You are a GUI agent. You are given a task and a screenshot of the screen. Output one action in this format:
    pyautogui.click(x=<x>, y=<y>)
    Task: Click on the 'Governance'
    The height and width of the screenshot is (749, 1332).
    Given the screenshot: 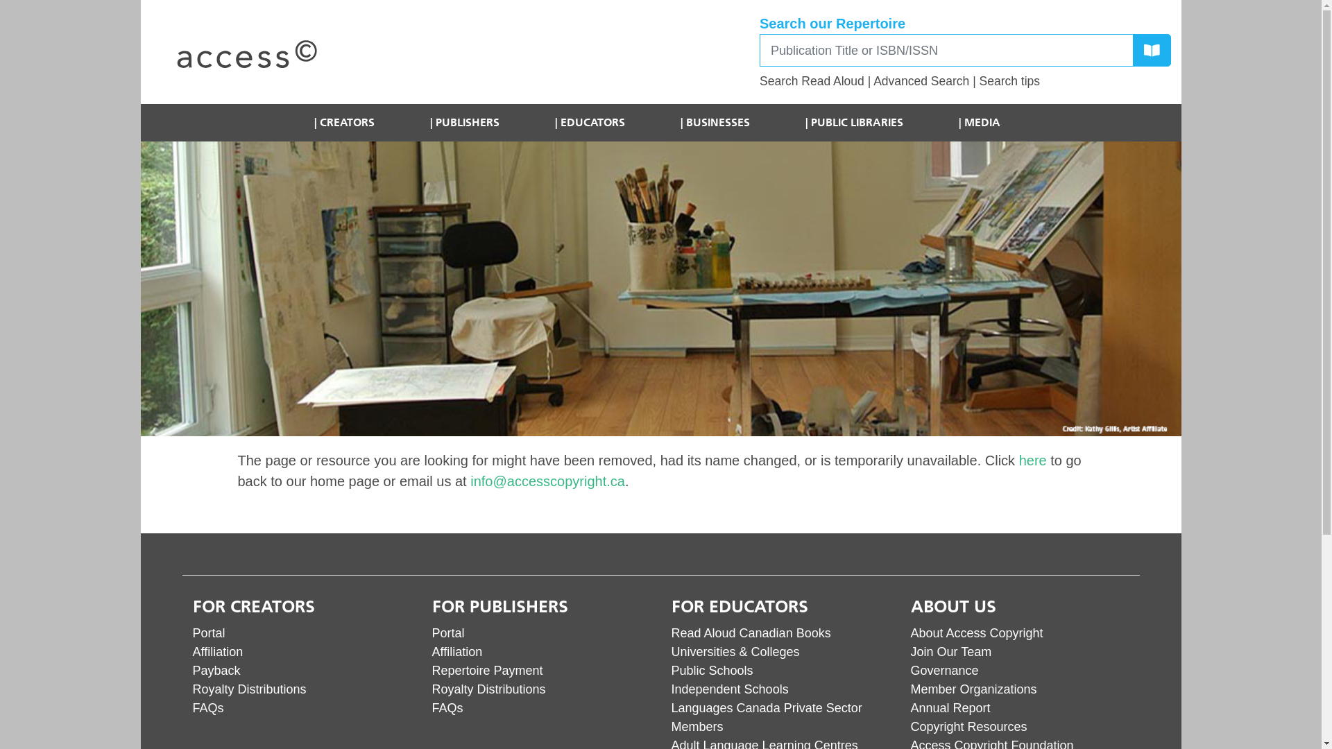 What is the action you would take?
    pyautogui.click(x=943, y=670)
    